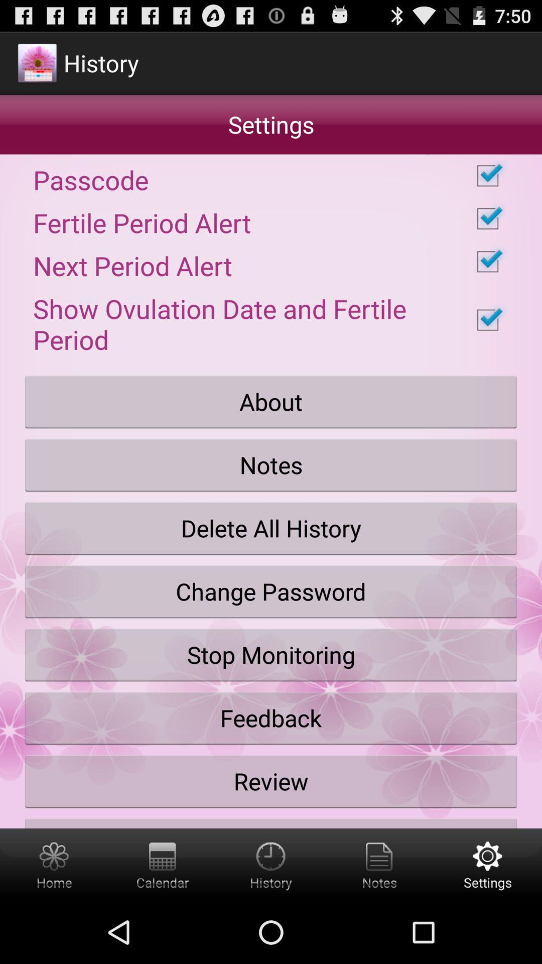 The image size is (542, 964). I want to click on the icon below settings item, so click(271, 176).